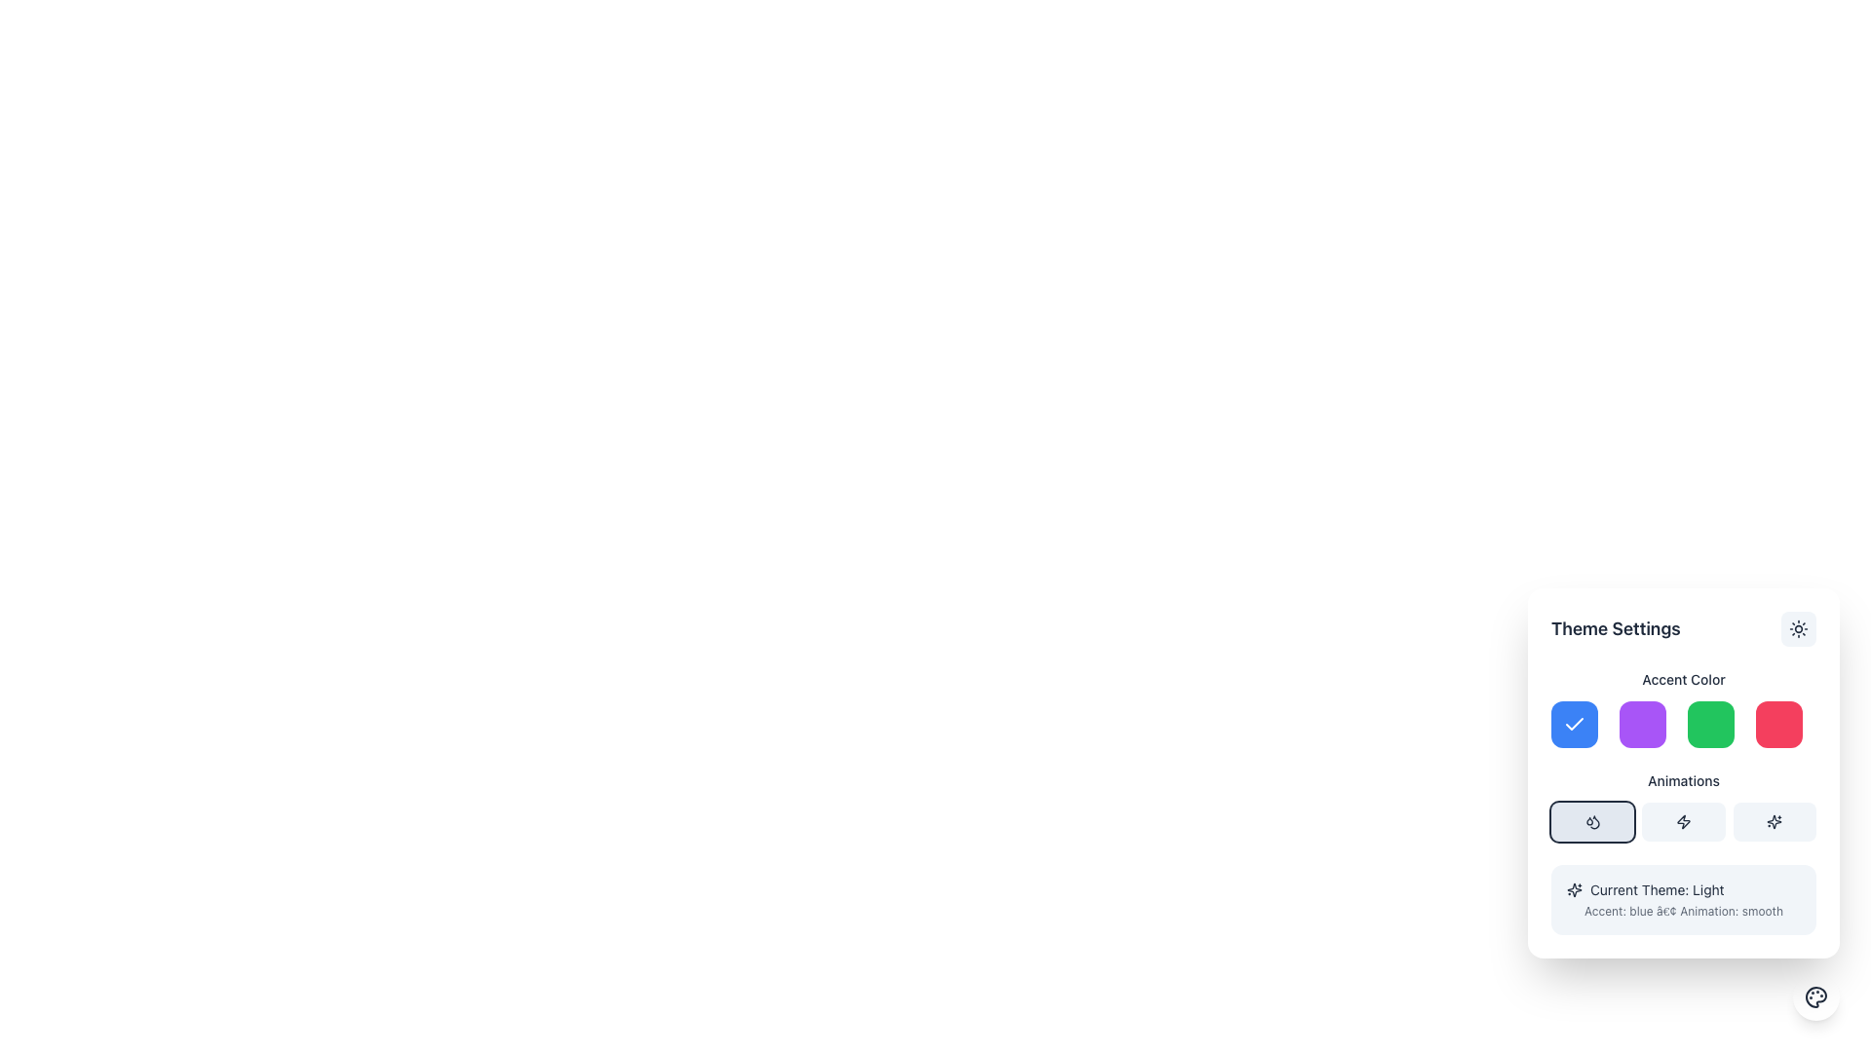 Image resolution: width=1871 pixels, height=1052 pixels. What do you see at coordinates (1775, 822) in the screenshot?
I see `the rightmost button in the group of three buttons in the 'Animations' section of the 'Theme Settings' panel` at bounding box center [1775, 822].